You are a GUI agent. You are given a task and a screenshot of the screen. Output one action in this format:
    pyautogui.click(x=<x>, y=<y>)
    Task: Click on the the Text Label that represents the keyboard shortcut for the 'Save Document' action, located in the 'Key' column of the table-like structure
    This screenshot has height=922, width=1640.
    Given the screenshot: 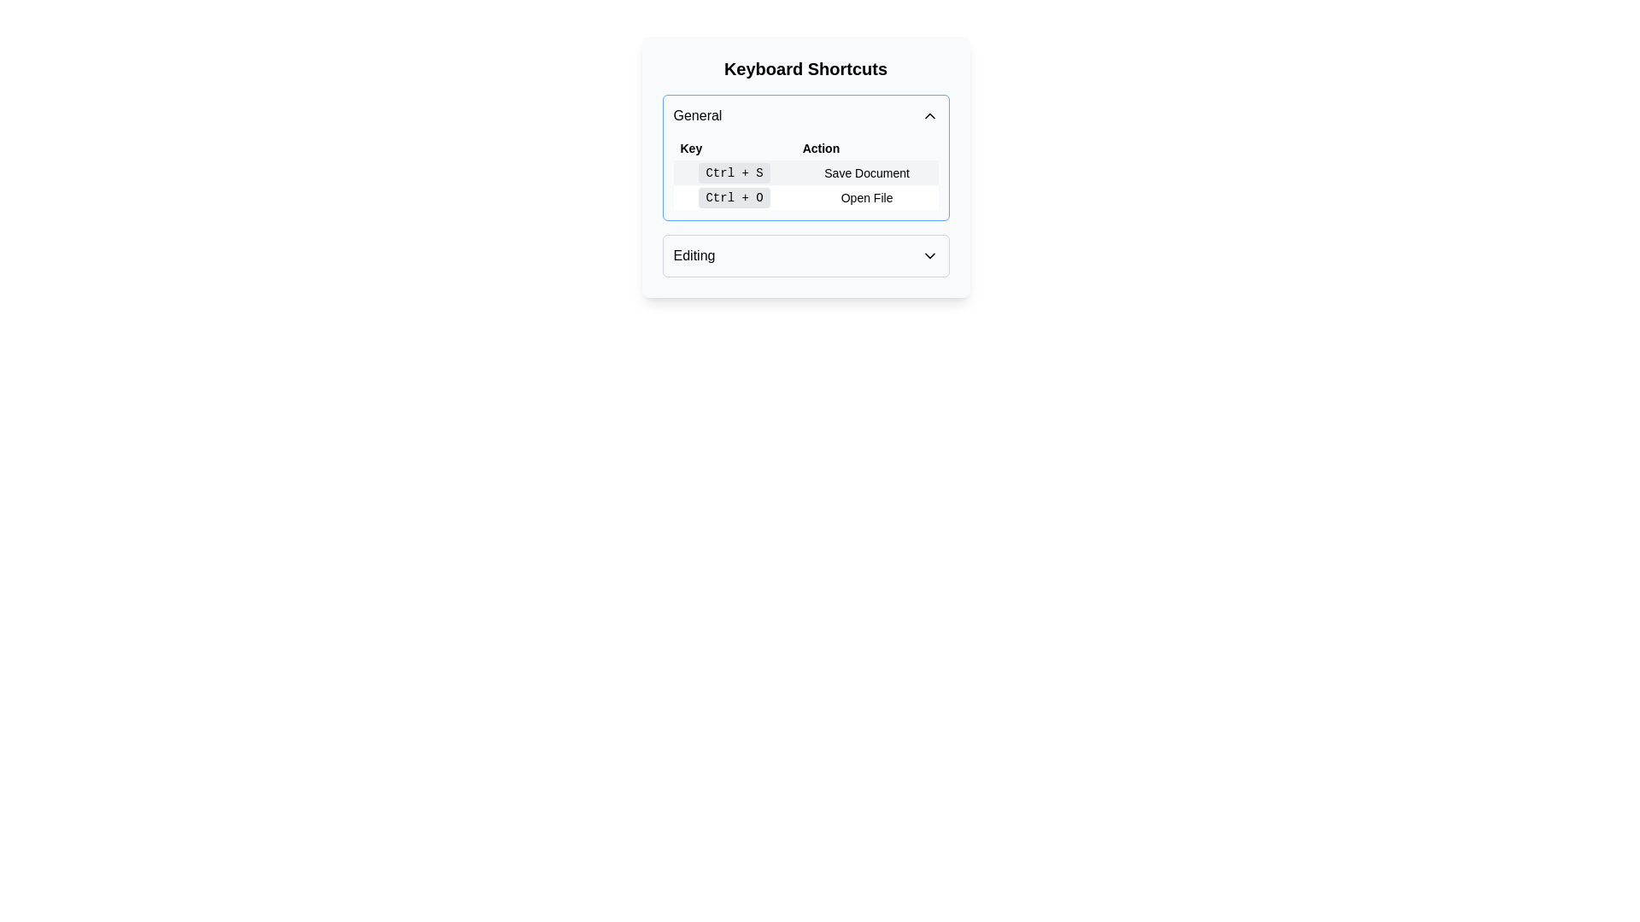 What is the action you would take?
    pyautogui.click(x=735, y=173)
    